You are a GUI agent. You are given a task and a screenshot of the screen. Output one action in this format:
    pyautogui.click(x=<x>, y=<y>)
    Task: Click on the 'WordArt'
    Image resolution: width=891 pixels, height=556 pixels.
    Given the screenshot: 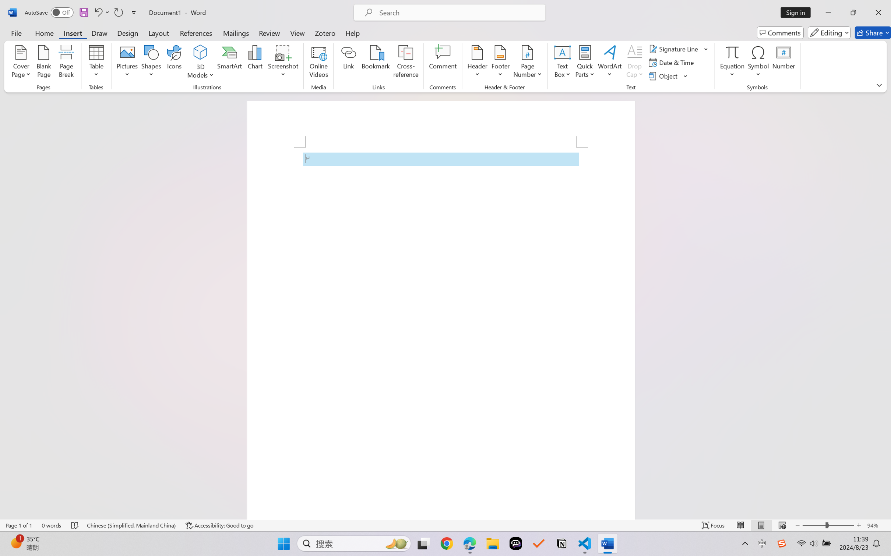 What is the action you would take?
    pyautogui.click(x=609, y=63)
    